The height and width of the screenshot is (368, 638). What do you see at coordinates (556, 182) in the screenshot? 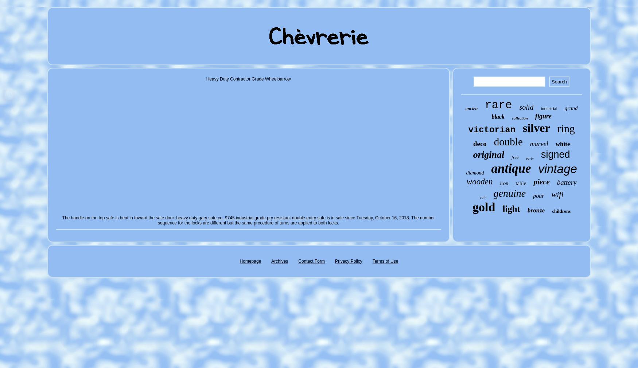
I see `'battery'` at bounding box center [556, 182].